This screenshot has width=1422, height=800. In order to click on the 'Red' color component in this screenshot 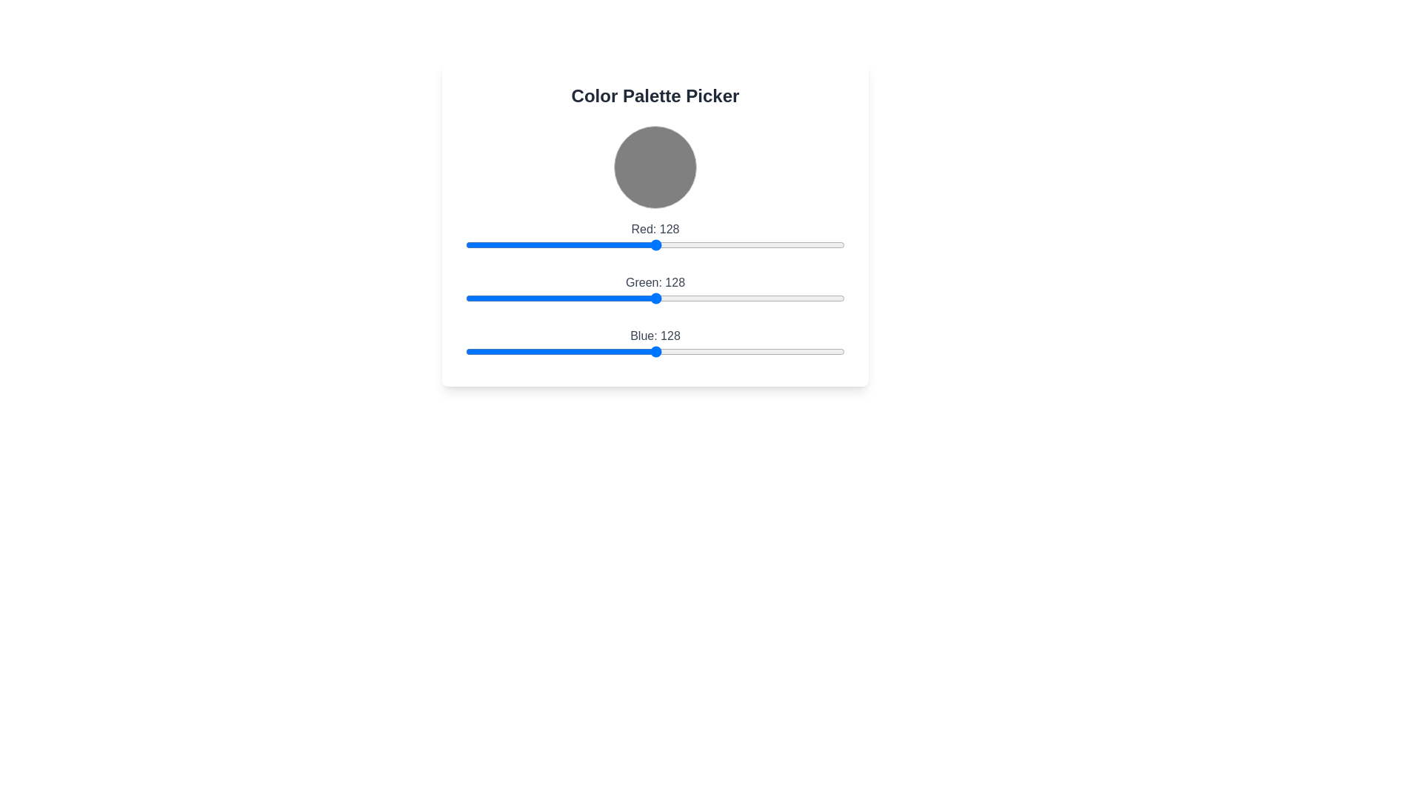, I will do `click(550, 244)`.